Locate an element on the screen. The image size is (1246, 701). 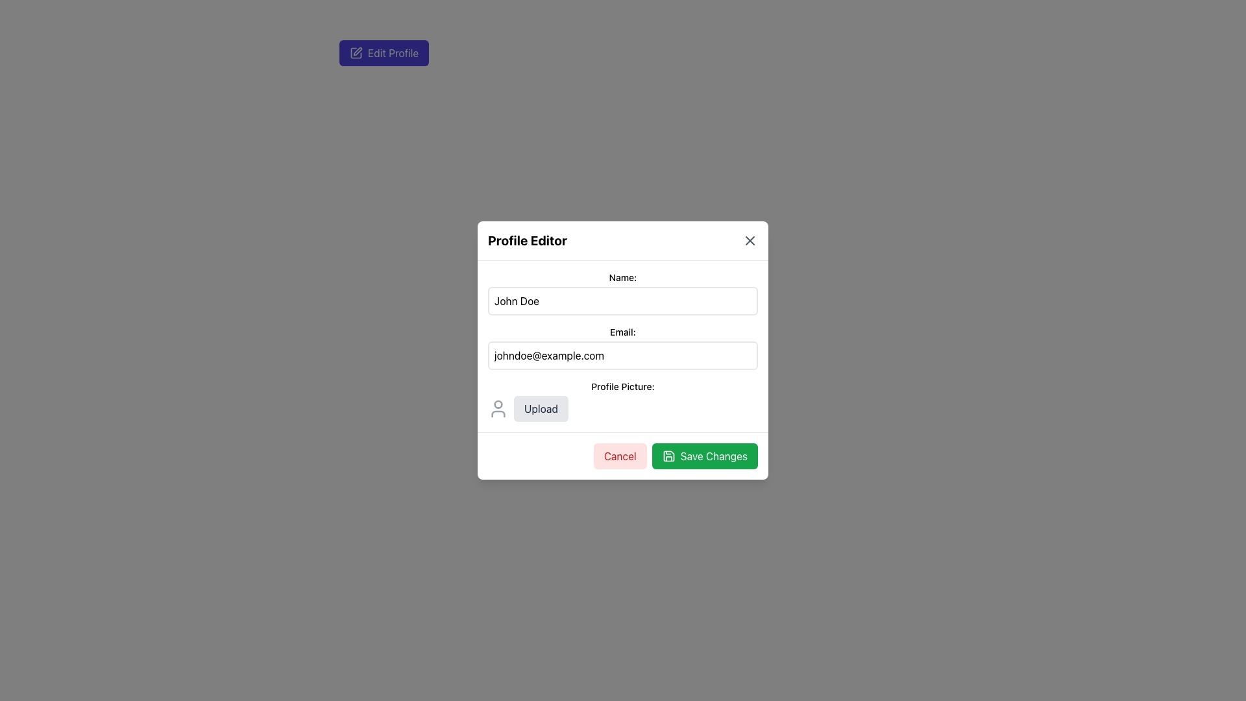
the save icon, which is a thin outlined disk icon located on the left side of the 'Save Changes' button at the bottom right of the 'Profile Editor' dialog is located at coordinates (668, 455).